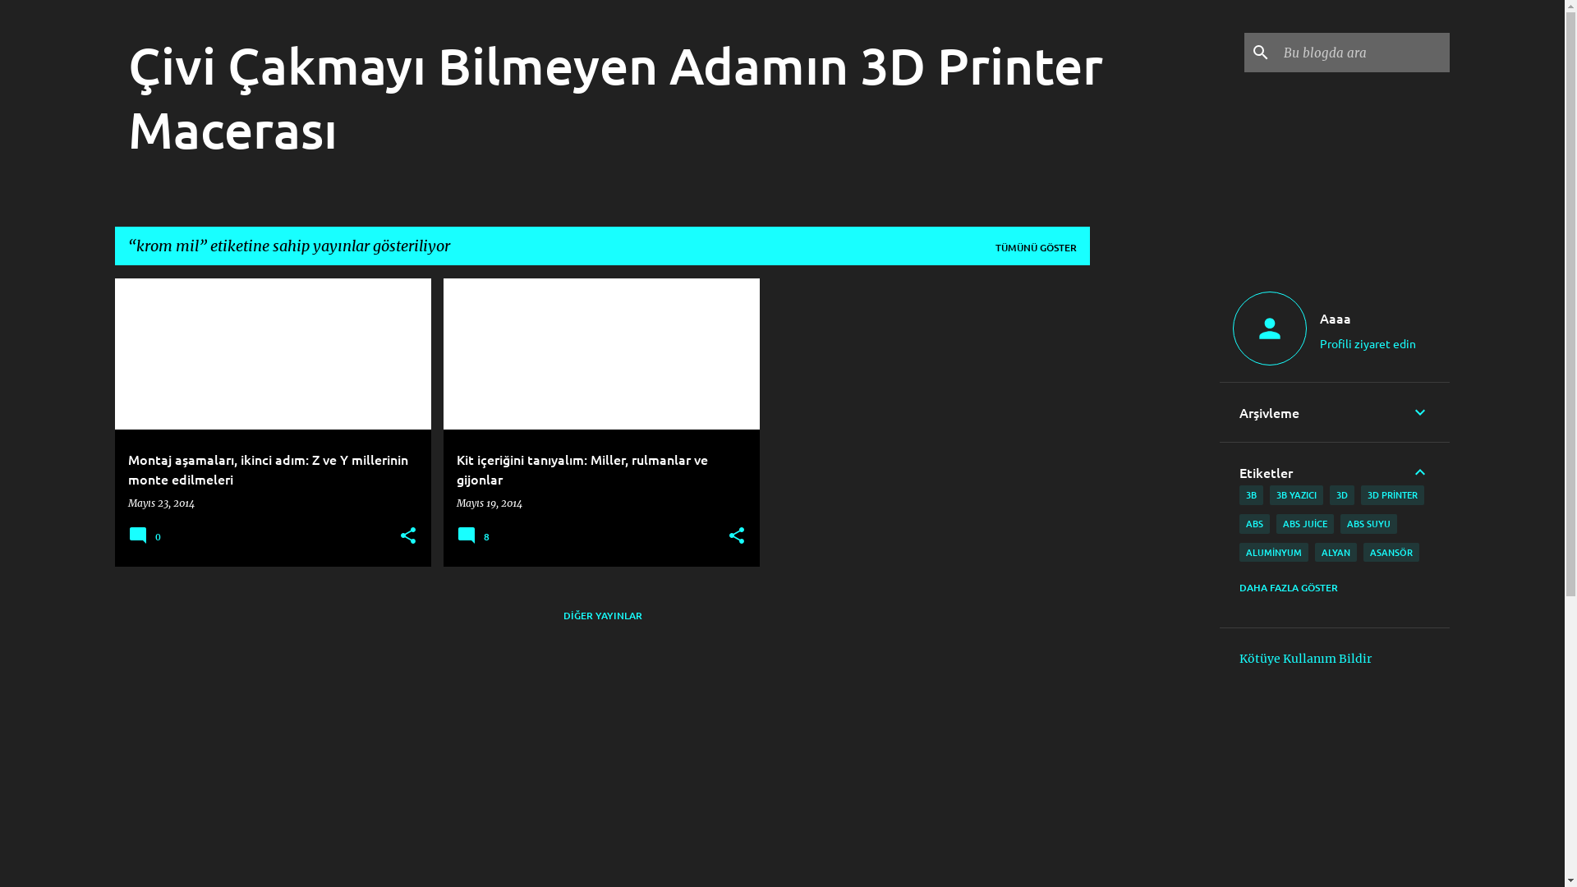 This screenshot has height=887, width=1577. Describe the element at coordinates (1268, 494) in the screenshot. I see `'3B YAZICI'` at that location.